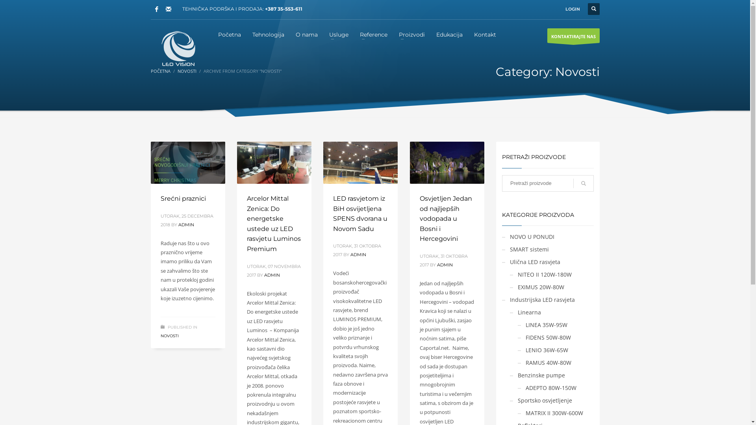 This screenshot has width=756, height=425. What do you see at coordinates (537, 375) in the screenshot?
I see `'Benzinske pumpe'` at bounding box center [537, 375].